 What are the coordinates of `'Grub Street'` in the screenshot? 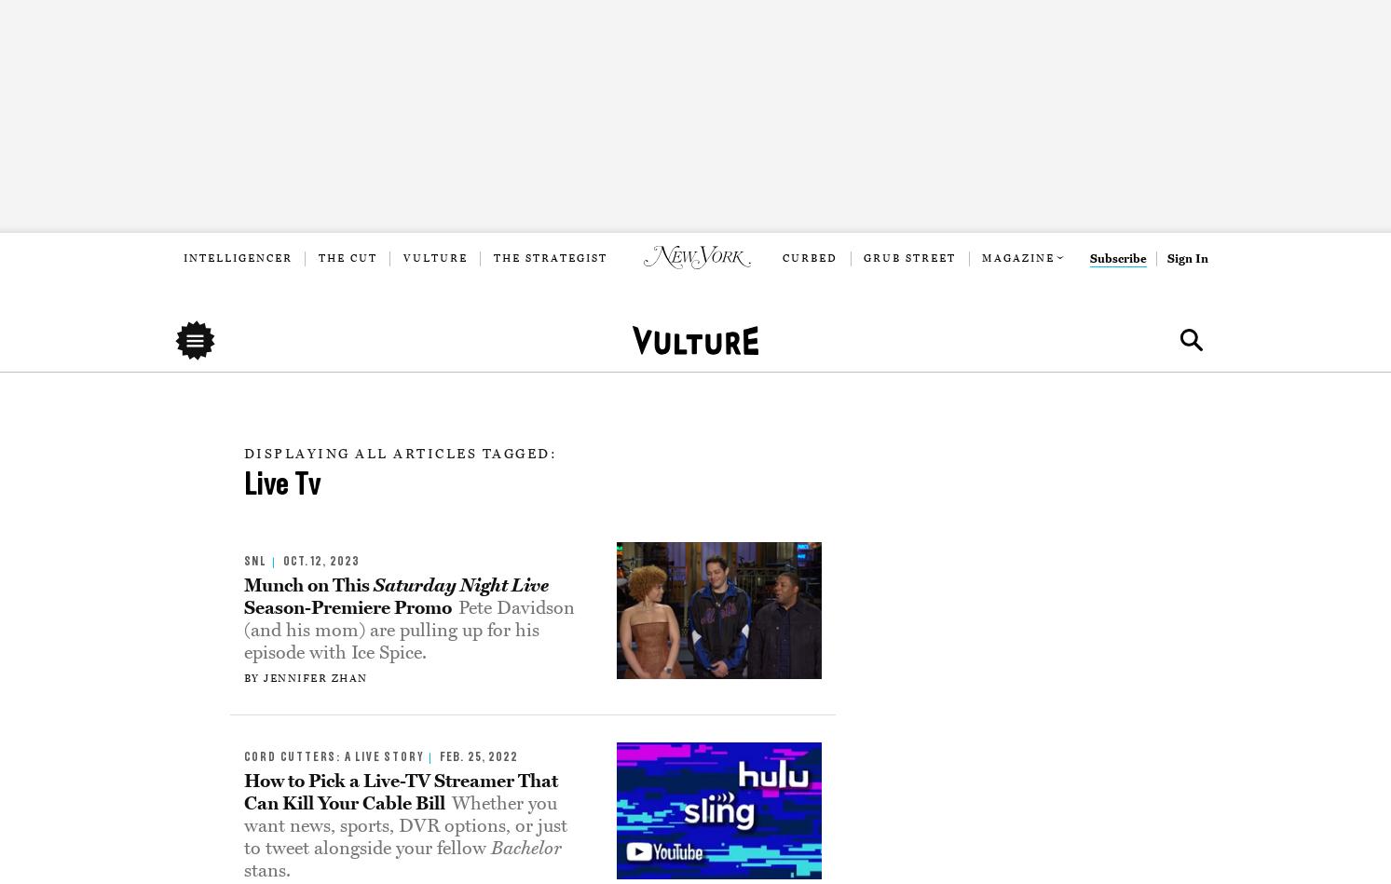 It's located at (909, 256).